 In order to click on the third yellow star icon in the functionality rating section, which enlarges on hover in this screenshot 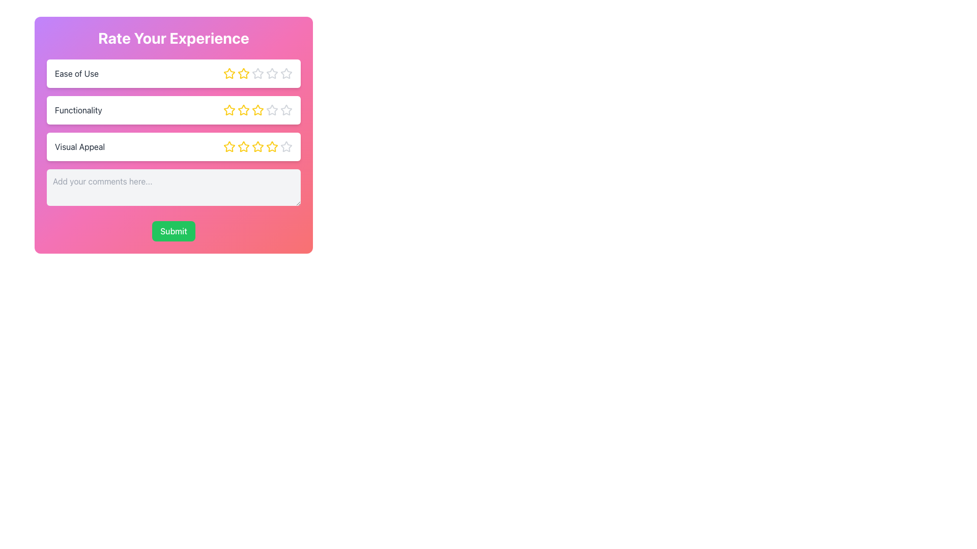, I will do `click(243, 110)`.